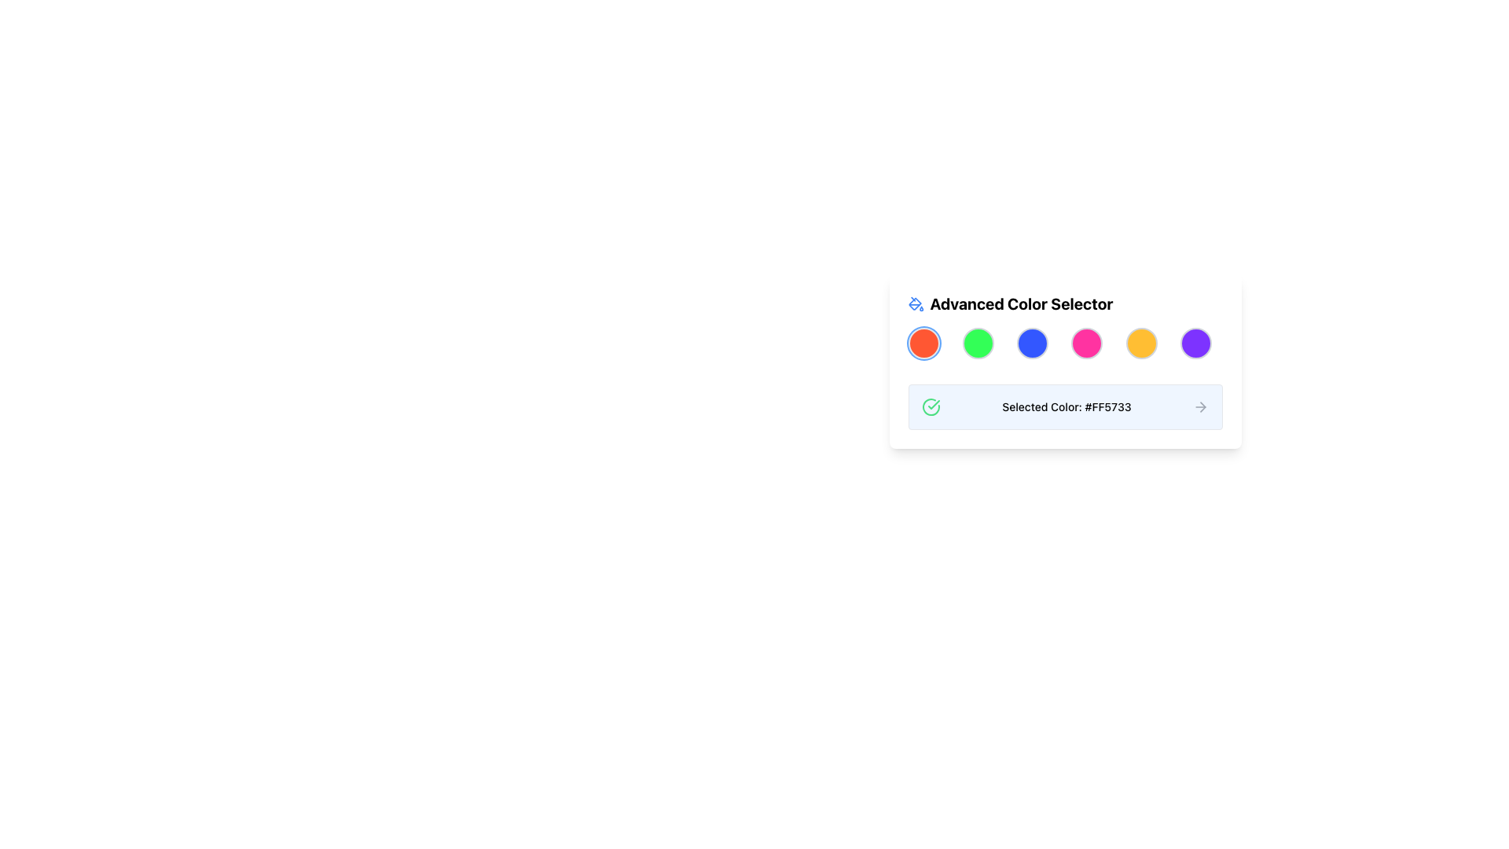  What do you see at coordinates (1065, 303) in the screenshot?
I see `text header with an icon located above the row of color circles, which serves as the title for the section below` at bounding box center [1065, 303].